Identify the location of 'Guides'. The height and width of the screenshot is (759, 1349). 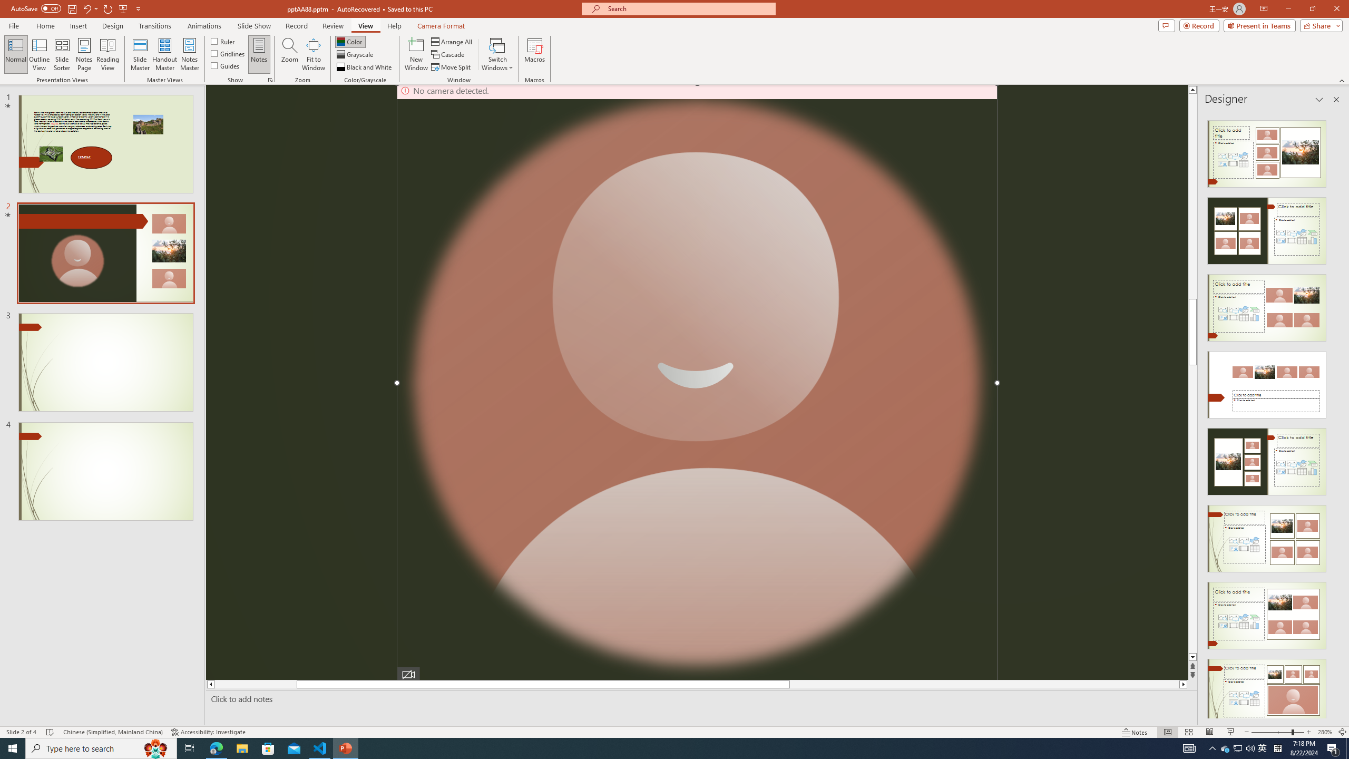
(226, 64).